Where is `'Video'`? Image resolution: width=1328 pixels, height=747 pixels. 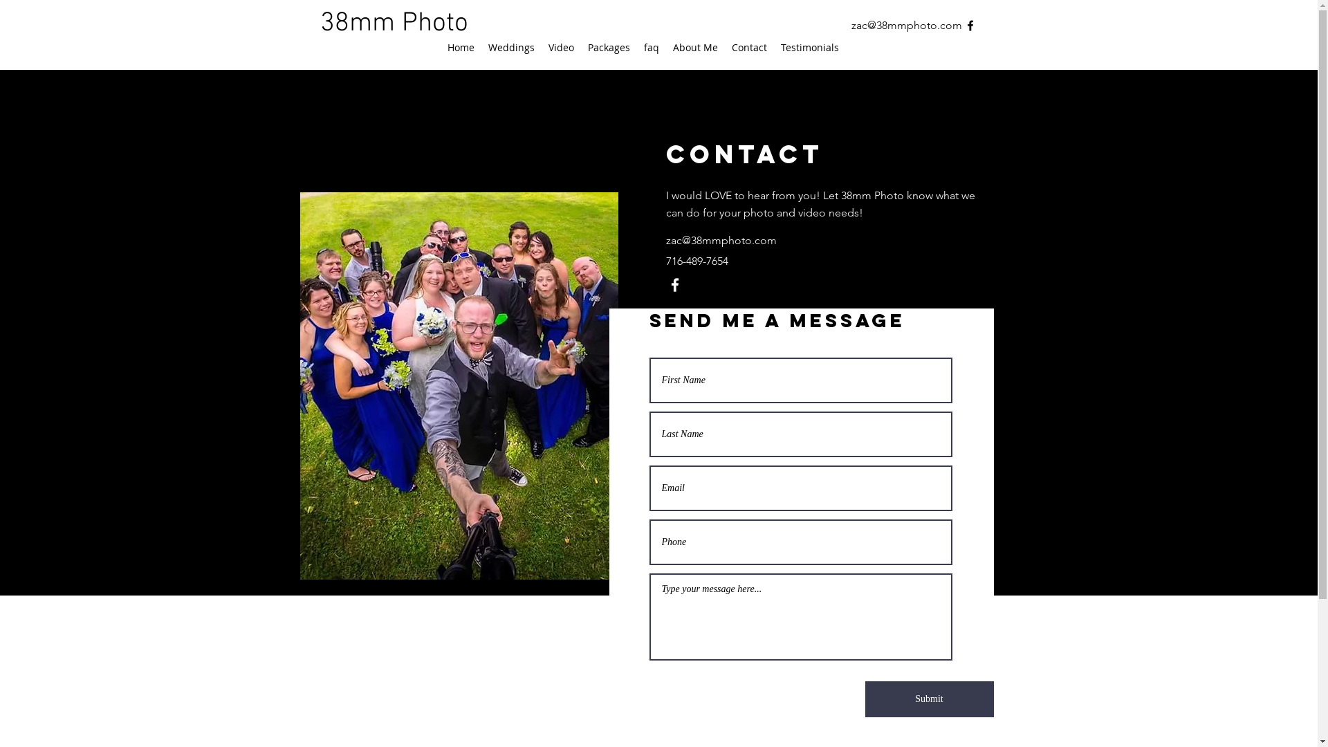
'Video' is located at coordinates (560, 47).